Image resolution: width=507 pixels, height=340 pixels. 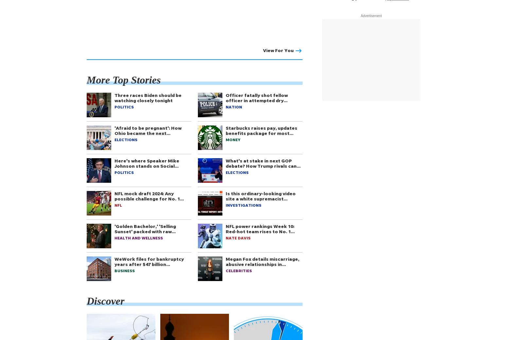 What do you see at coordinates (262, 50) in the screenshot?
I see `'View For You'` at bounding box center [262, 50].